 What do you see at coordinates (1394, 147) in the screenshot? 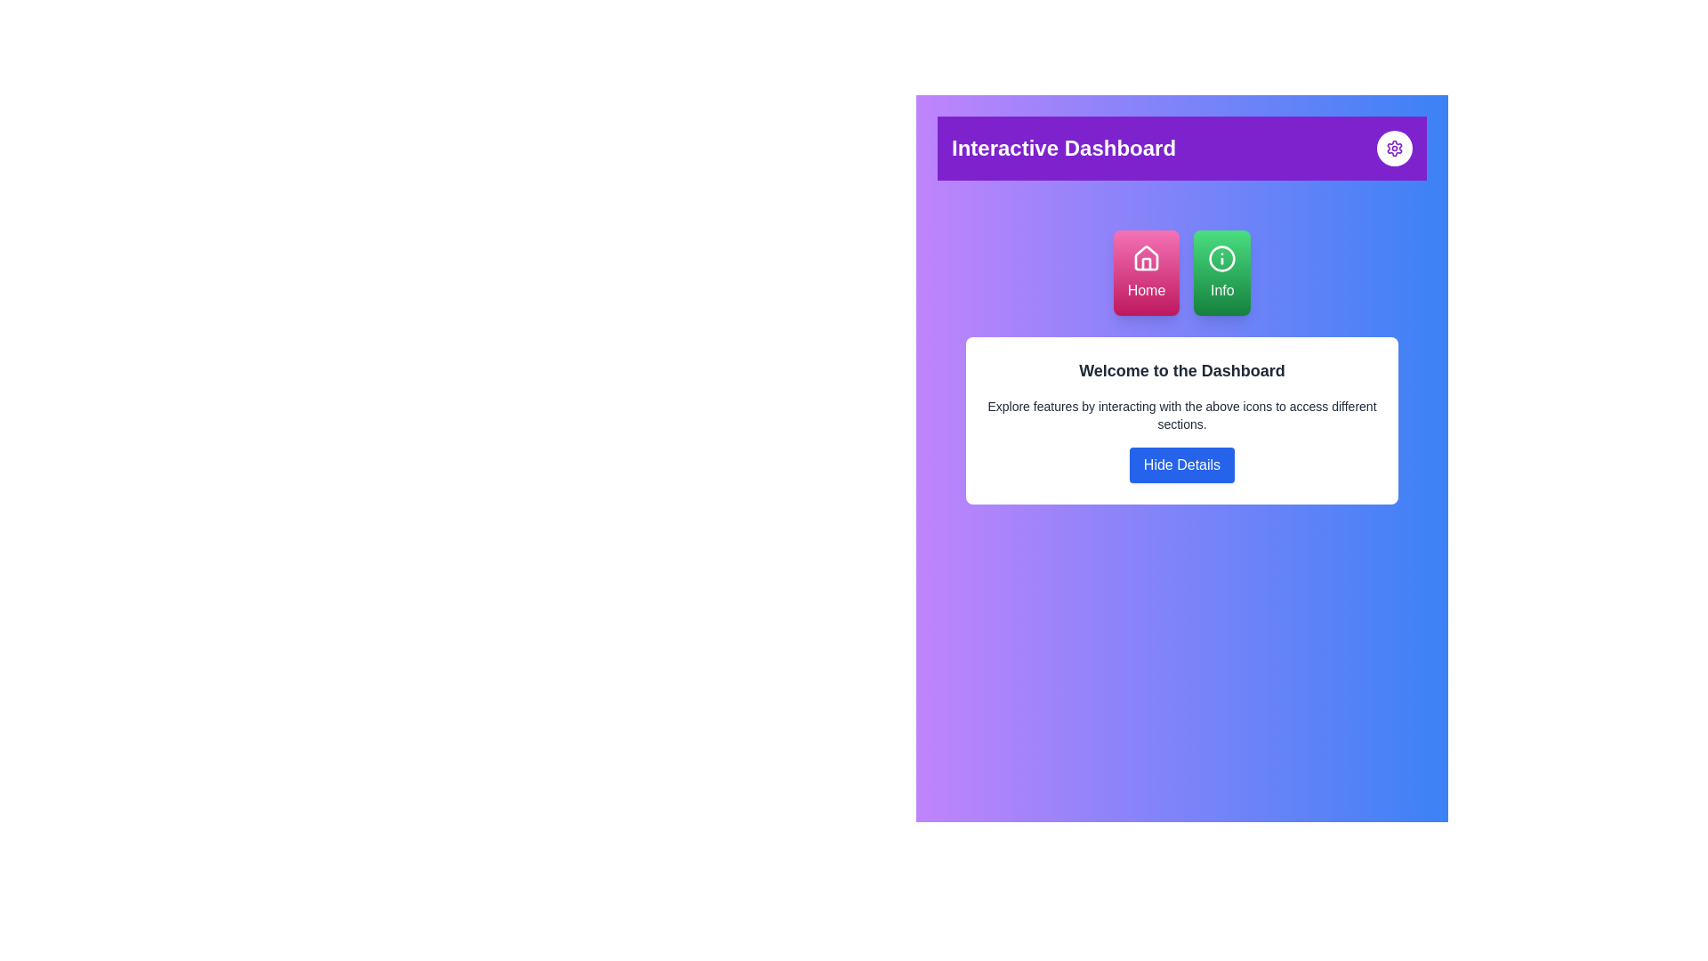
I see `the cogwheel icon located in the top-right corner of the interface` at bounding box center [1394, 147].